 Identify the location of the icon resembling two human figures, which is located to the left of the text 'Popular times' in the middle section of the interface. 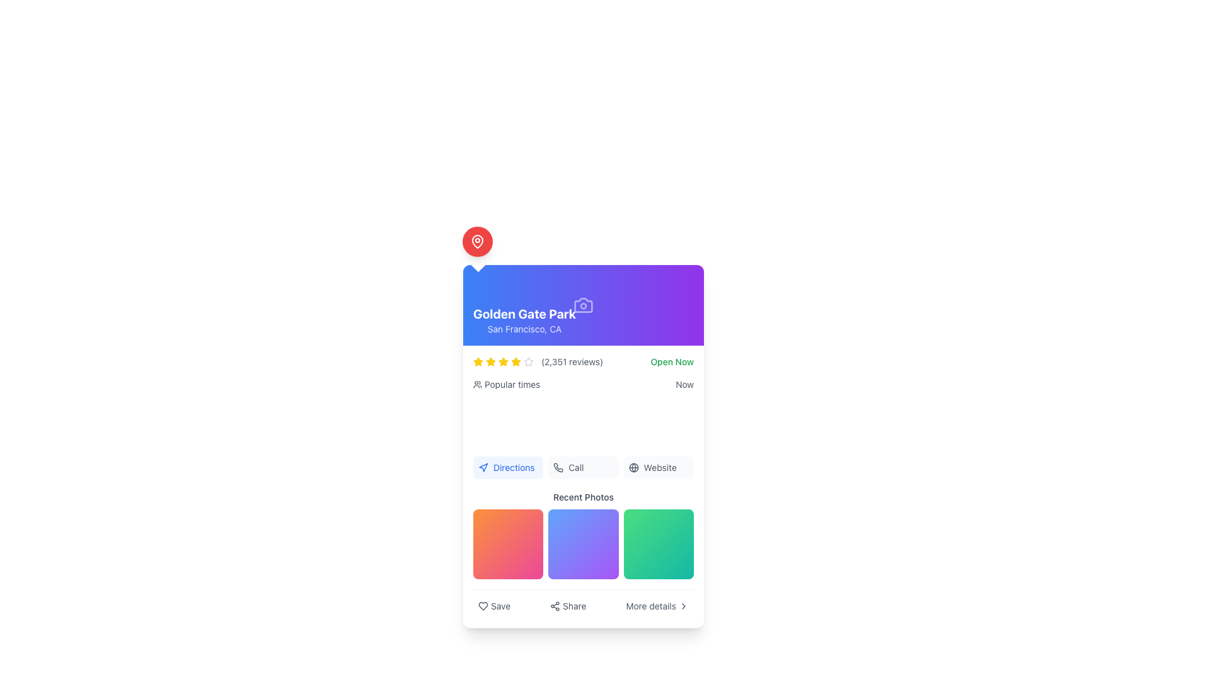
(477, 383).